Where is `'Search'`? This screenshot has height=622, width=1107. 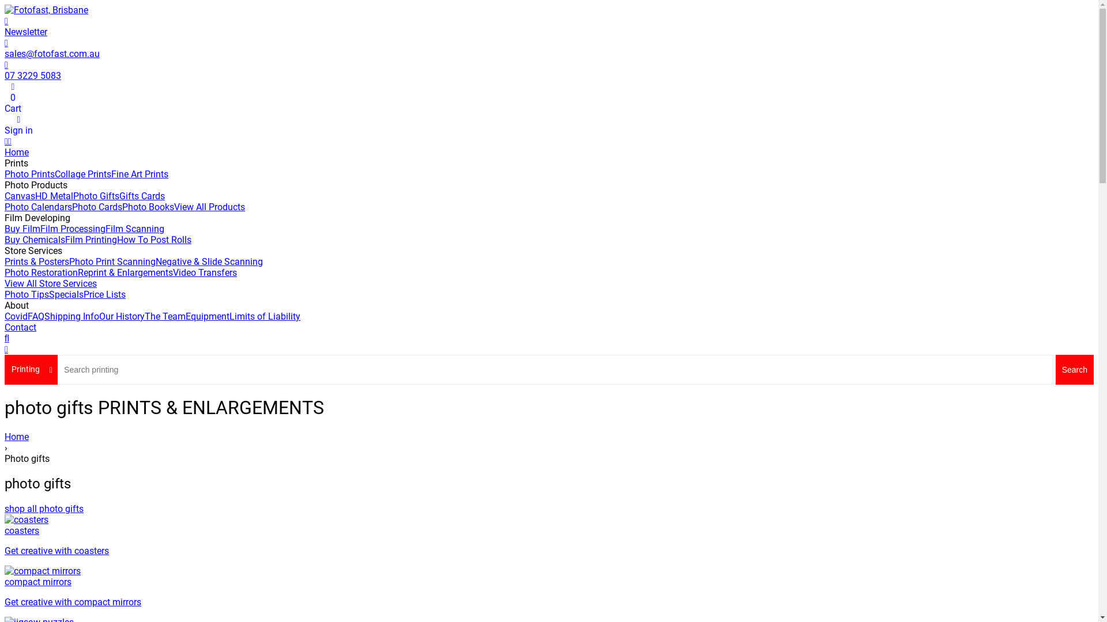
'Search' is located at coordinates (1074, 369).